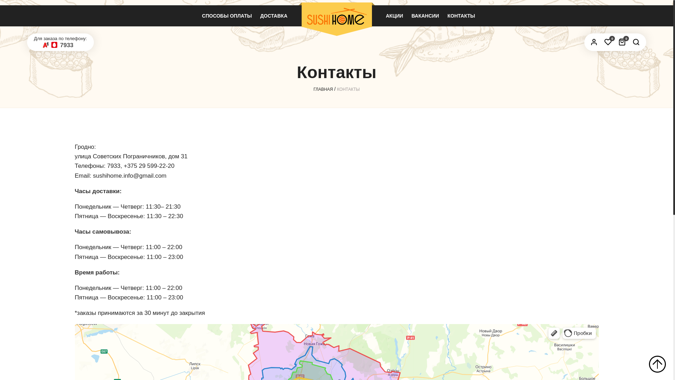 This screenshot has width=675, height=380. Describe the element at coordinates (67, 45) in the screenshot. I see `'7933'` at that location.